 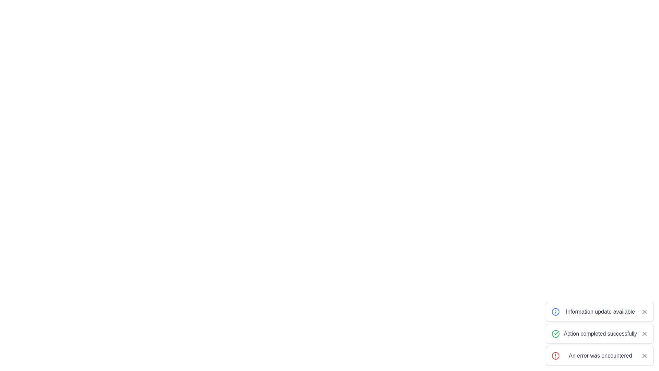 I want to click on the Informational icon associated with the notification card that displays 'Information update available' located at the top of the right-side panel, so click(x=555, y=312).